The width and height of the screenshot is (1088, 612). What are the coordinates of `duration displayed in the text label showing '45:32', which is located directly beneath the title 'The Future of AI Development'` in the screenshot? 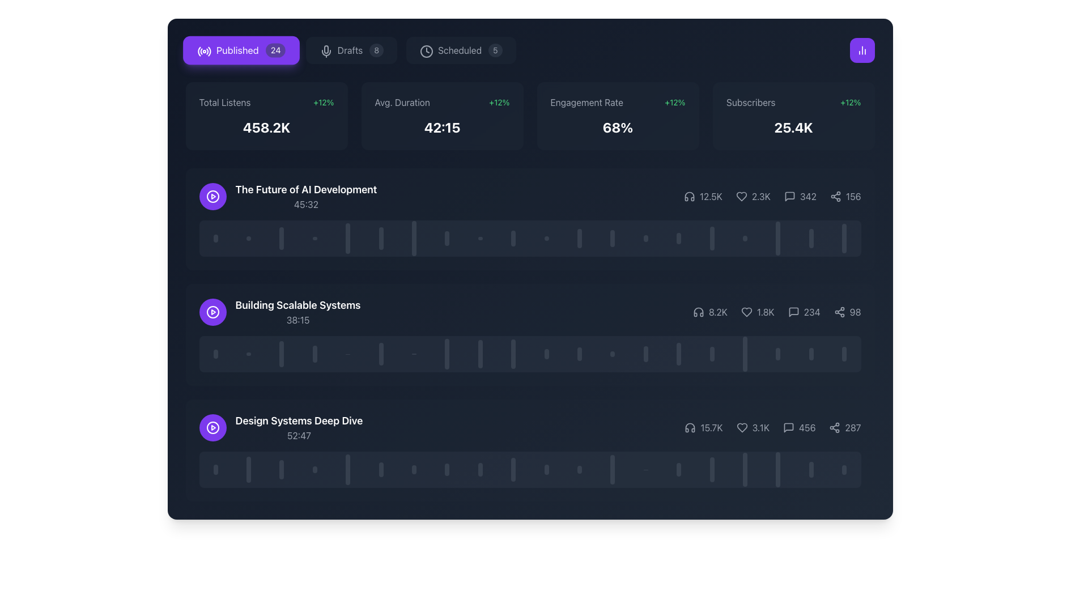 It's located at (306, 205).